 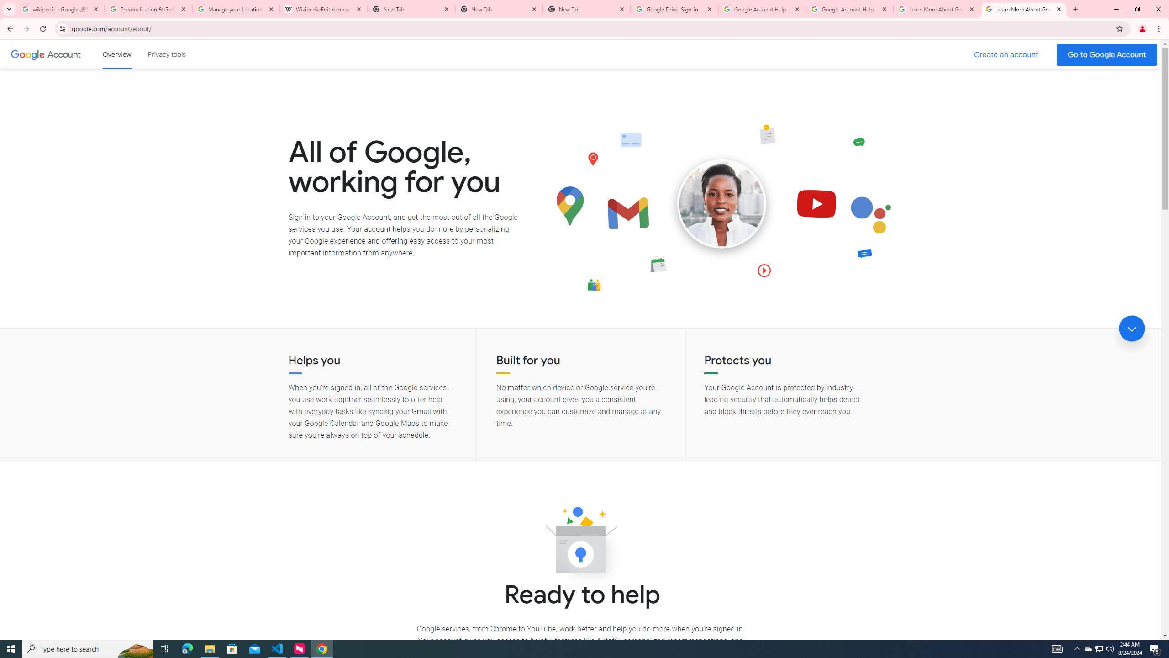 I want to click on 'Manage your Location History - Google Search Help', so click(x=236, y=9).